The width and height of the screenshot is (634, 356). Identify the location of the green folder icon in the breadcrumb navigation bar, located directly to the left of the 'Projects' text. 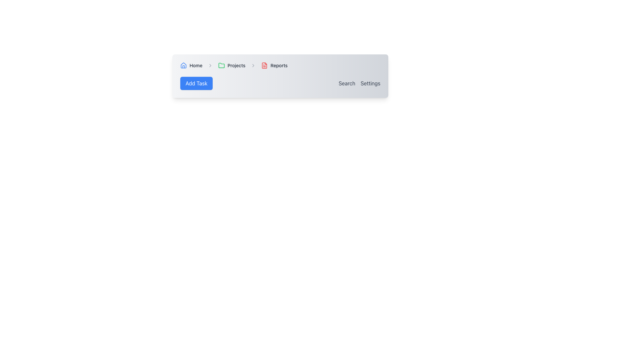
(222, 66).